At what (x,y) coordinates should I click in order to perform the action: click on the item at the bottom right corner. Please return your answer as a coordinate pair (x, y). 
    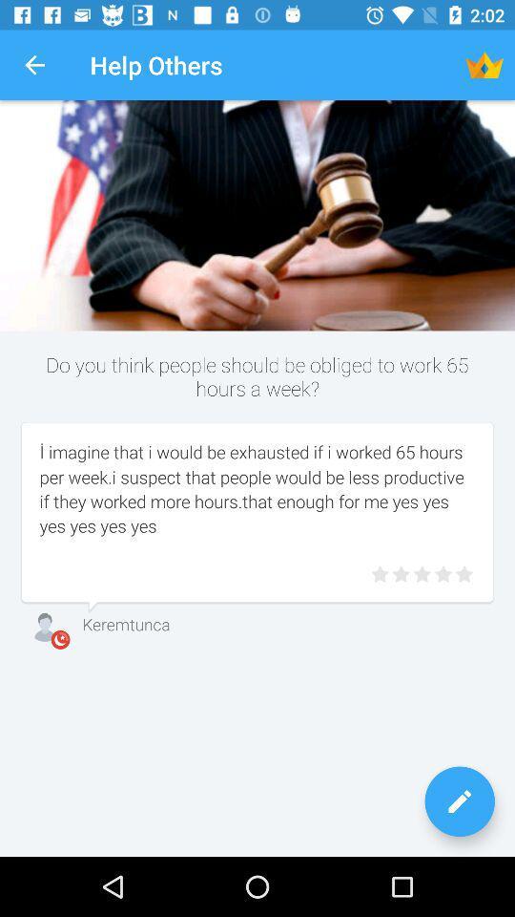
    Looking at the image, I should click on (459, 801).